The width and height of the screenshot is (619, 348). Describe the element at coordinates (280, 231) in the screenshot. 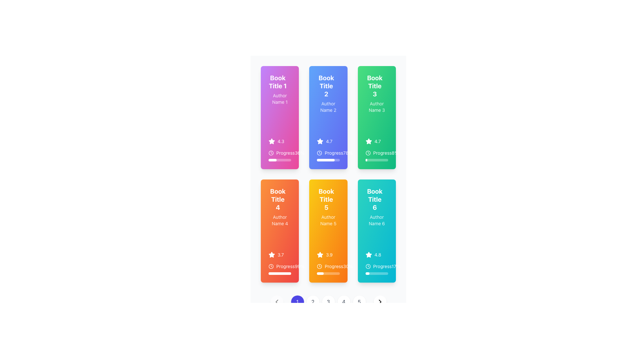

I see `the fourth informational card in the grid layout` at that location.